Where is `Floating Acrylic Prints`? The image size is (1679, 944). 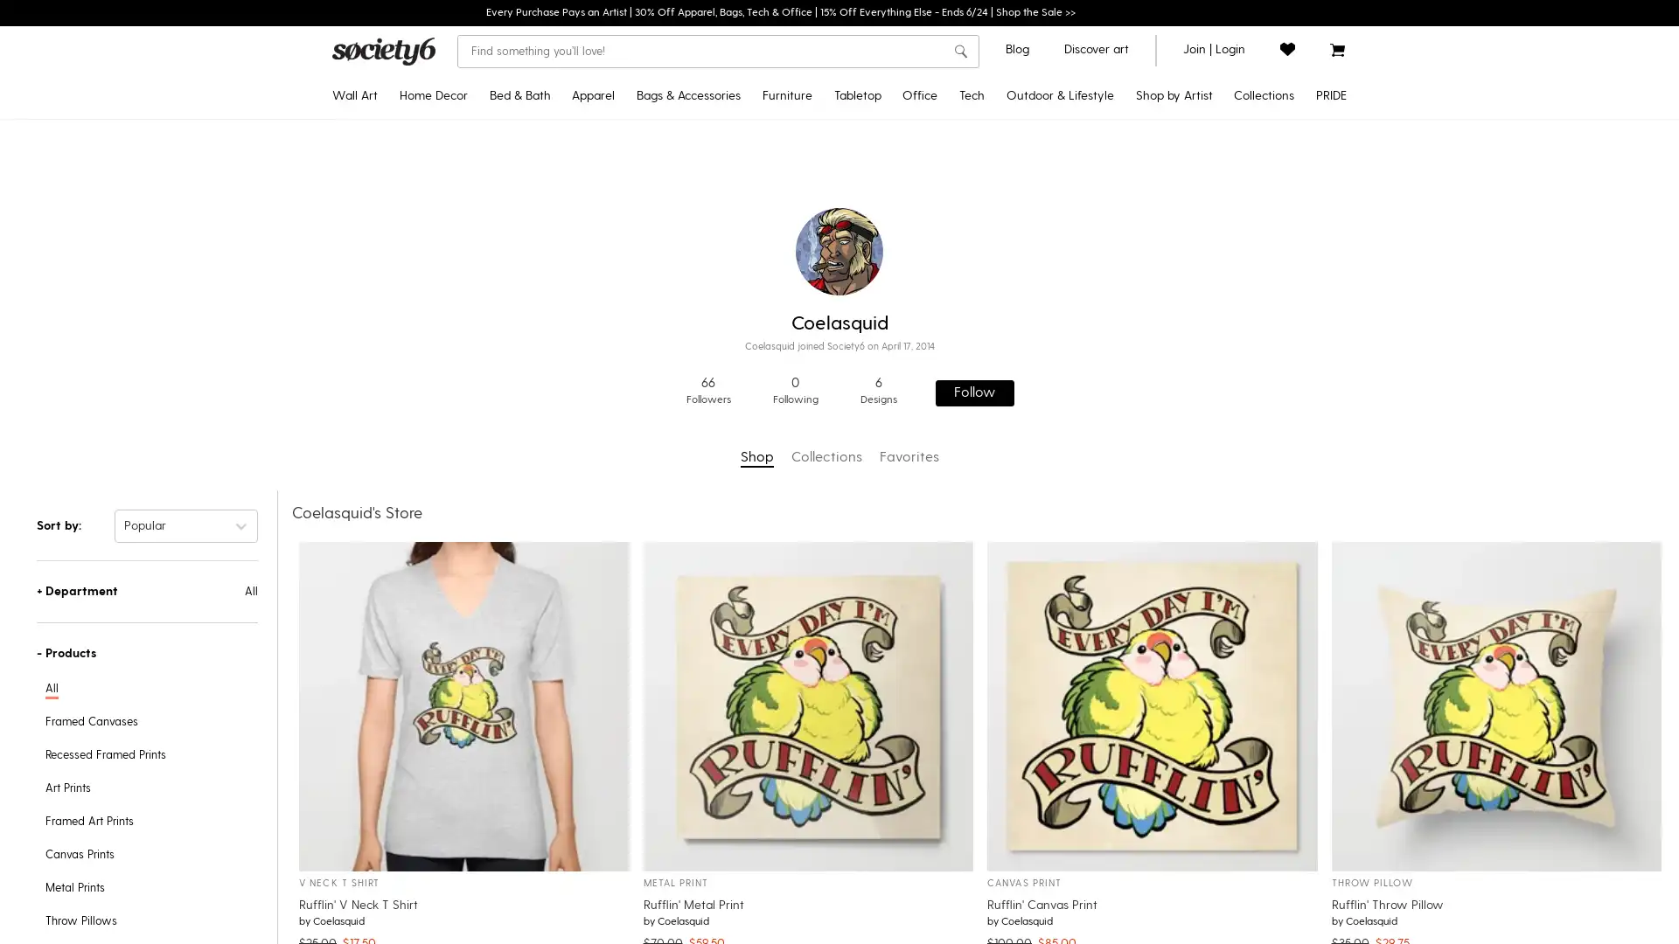 Floating Acrylic Prints is located at coordinates (411, 337).